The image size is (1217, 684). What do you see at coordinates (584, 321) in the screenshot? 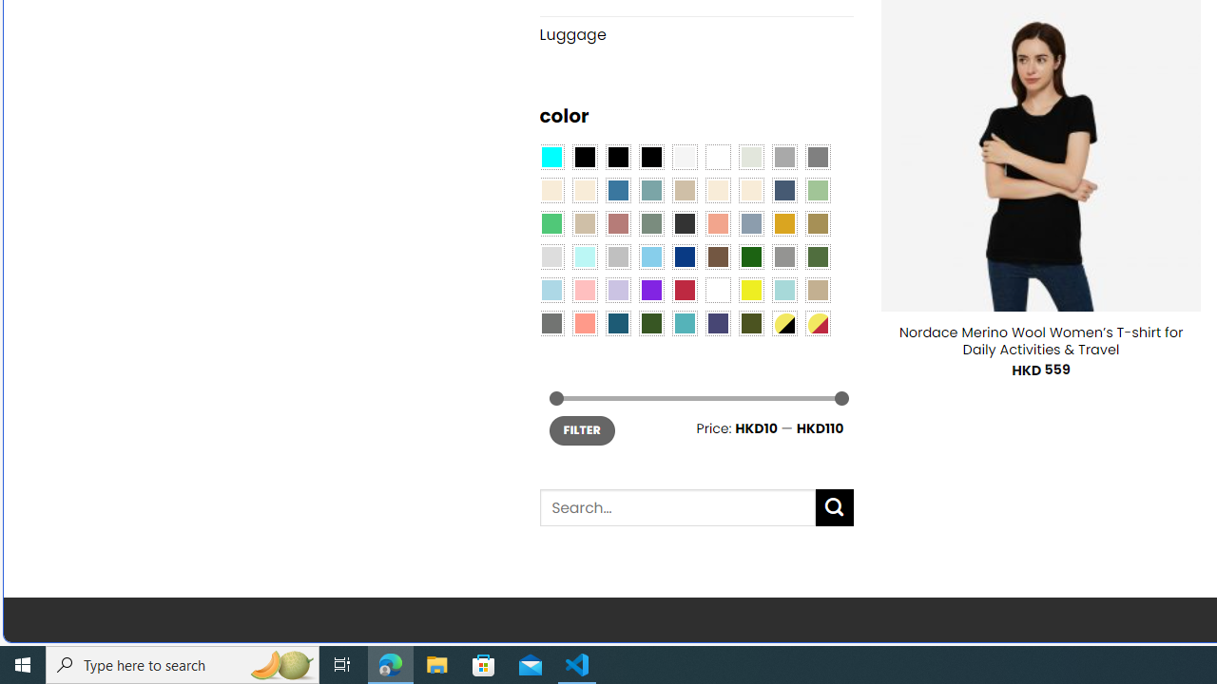
I see `'Peach Pink'` at bounding box center [584, 321].